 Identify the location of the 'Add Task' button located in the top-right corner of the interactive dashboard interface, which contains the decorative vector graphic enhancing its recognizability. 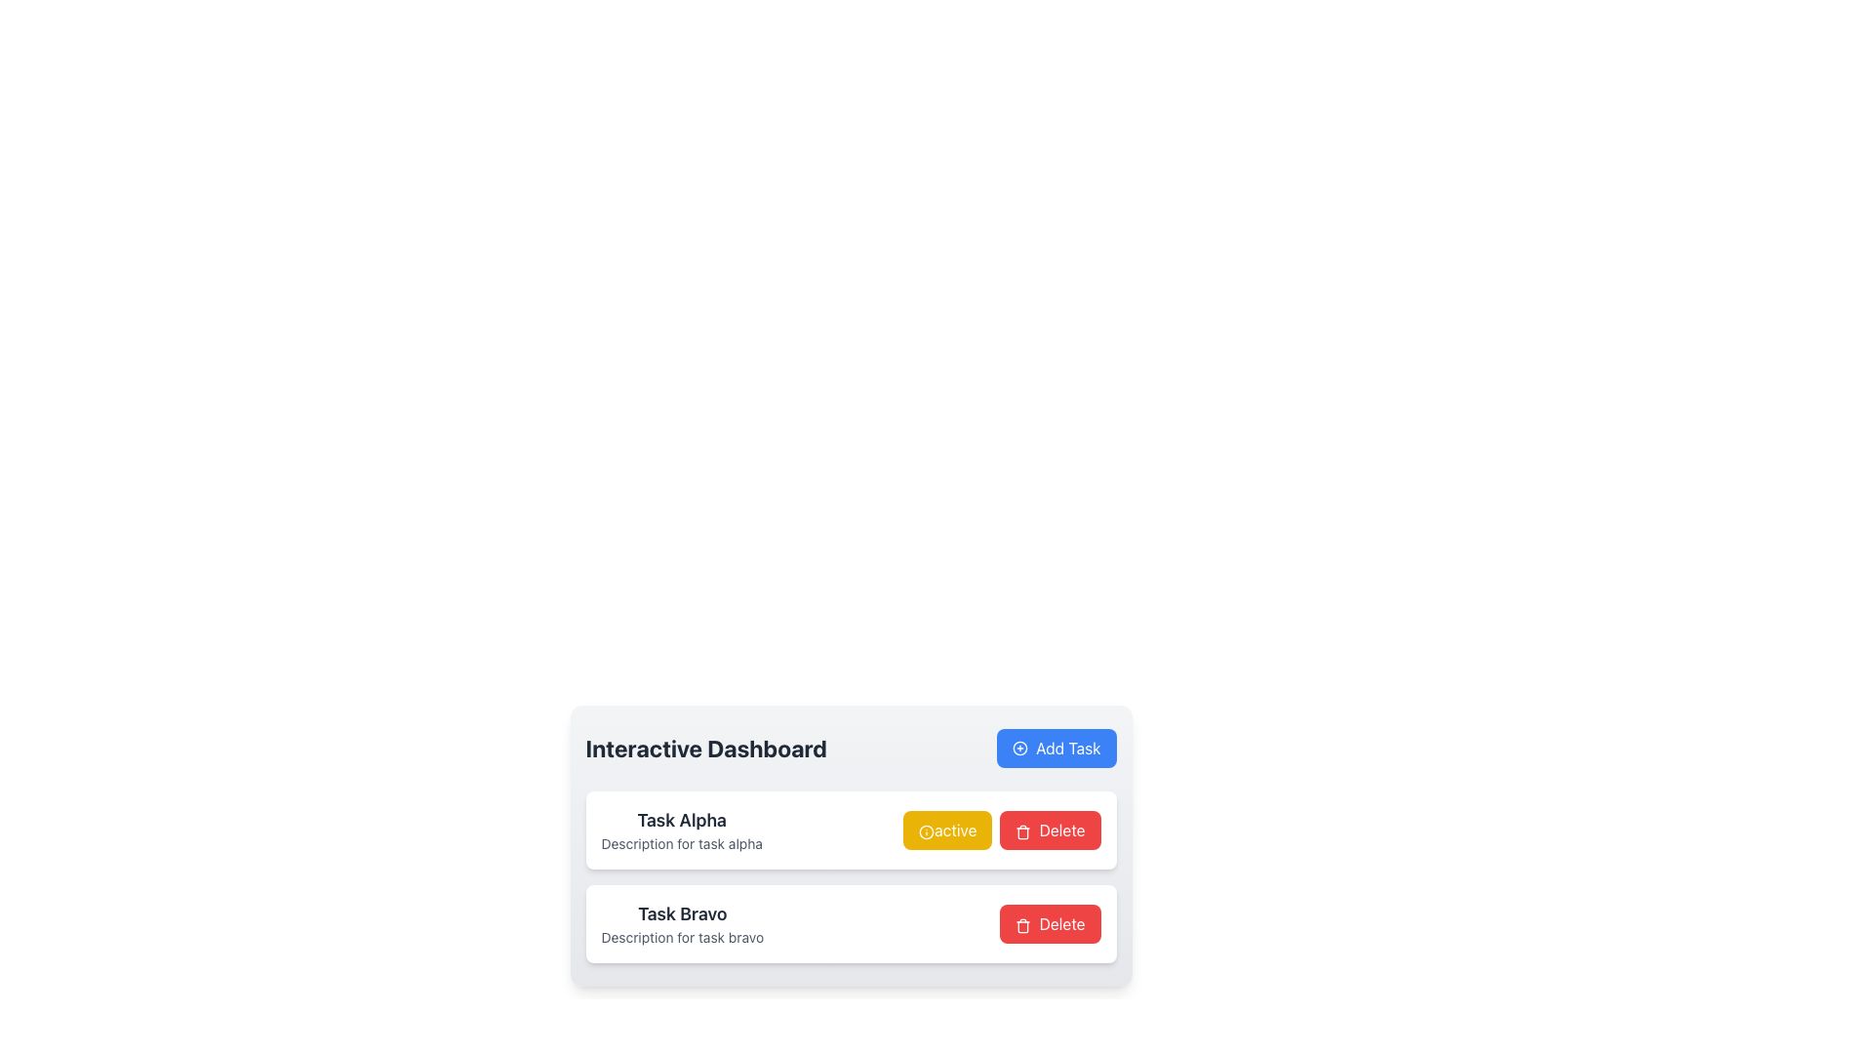
(1019, 748).